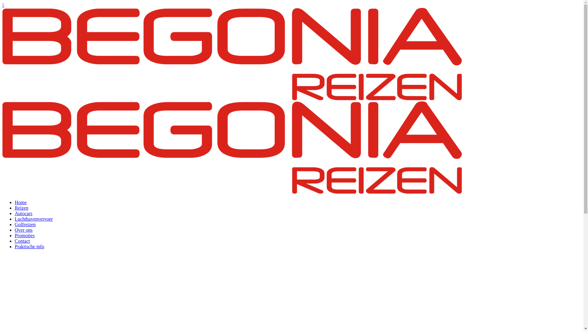  I want to click on 'Over ons', so click(23, 230).